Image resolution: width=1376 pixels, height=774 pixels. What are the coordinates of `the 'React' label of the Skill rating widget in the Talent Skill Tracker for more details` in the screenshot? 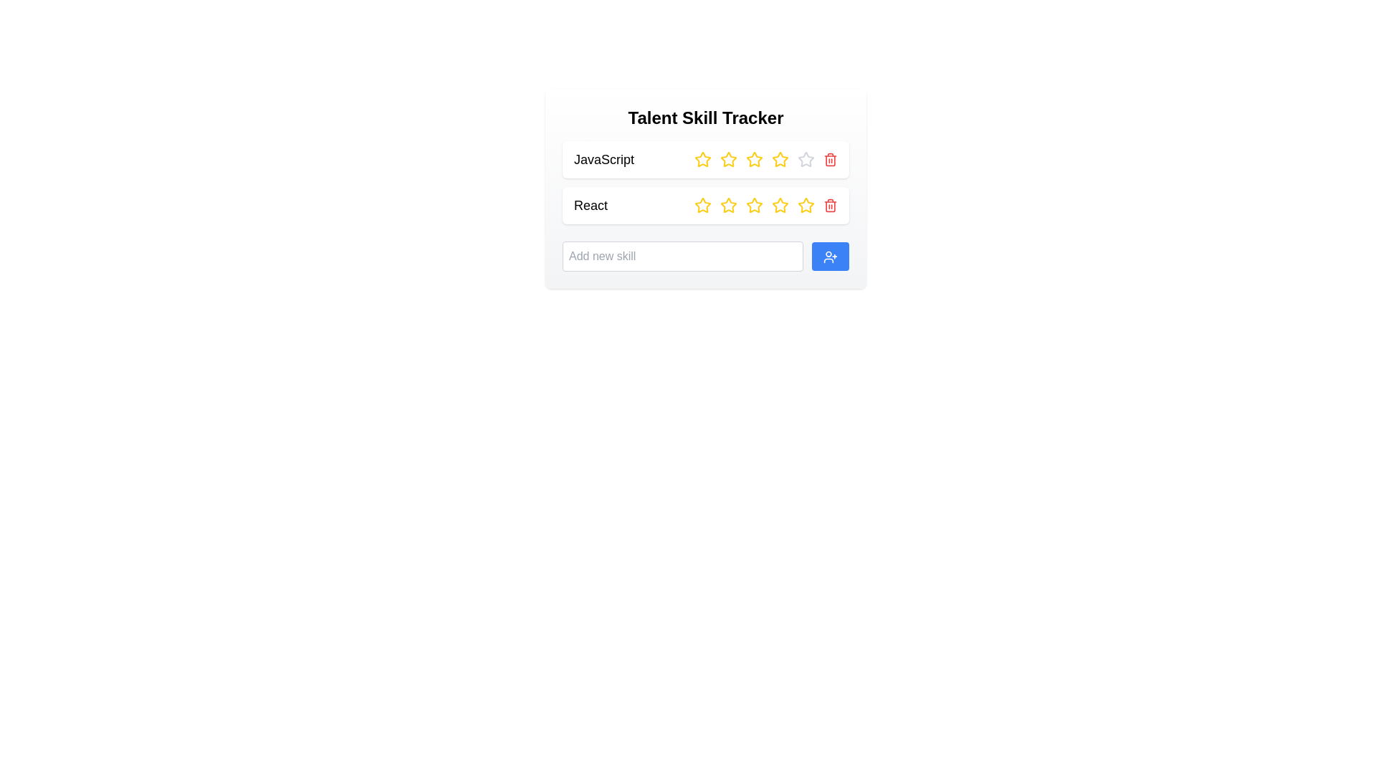 It's located at (705, 188).